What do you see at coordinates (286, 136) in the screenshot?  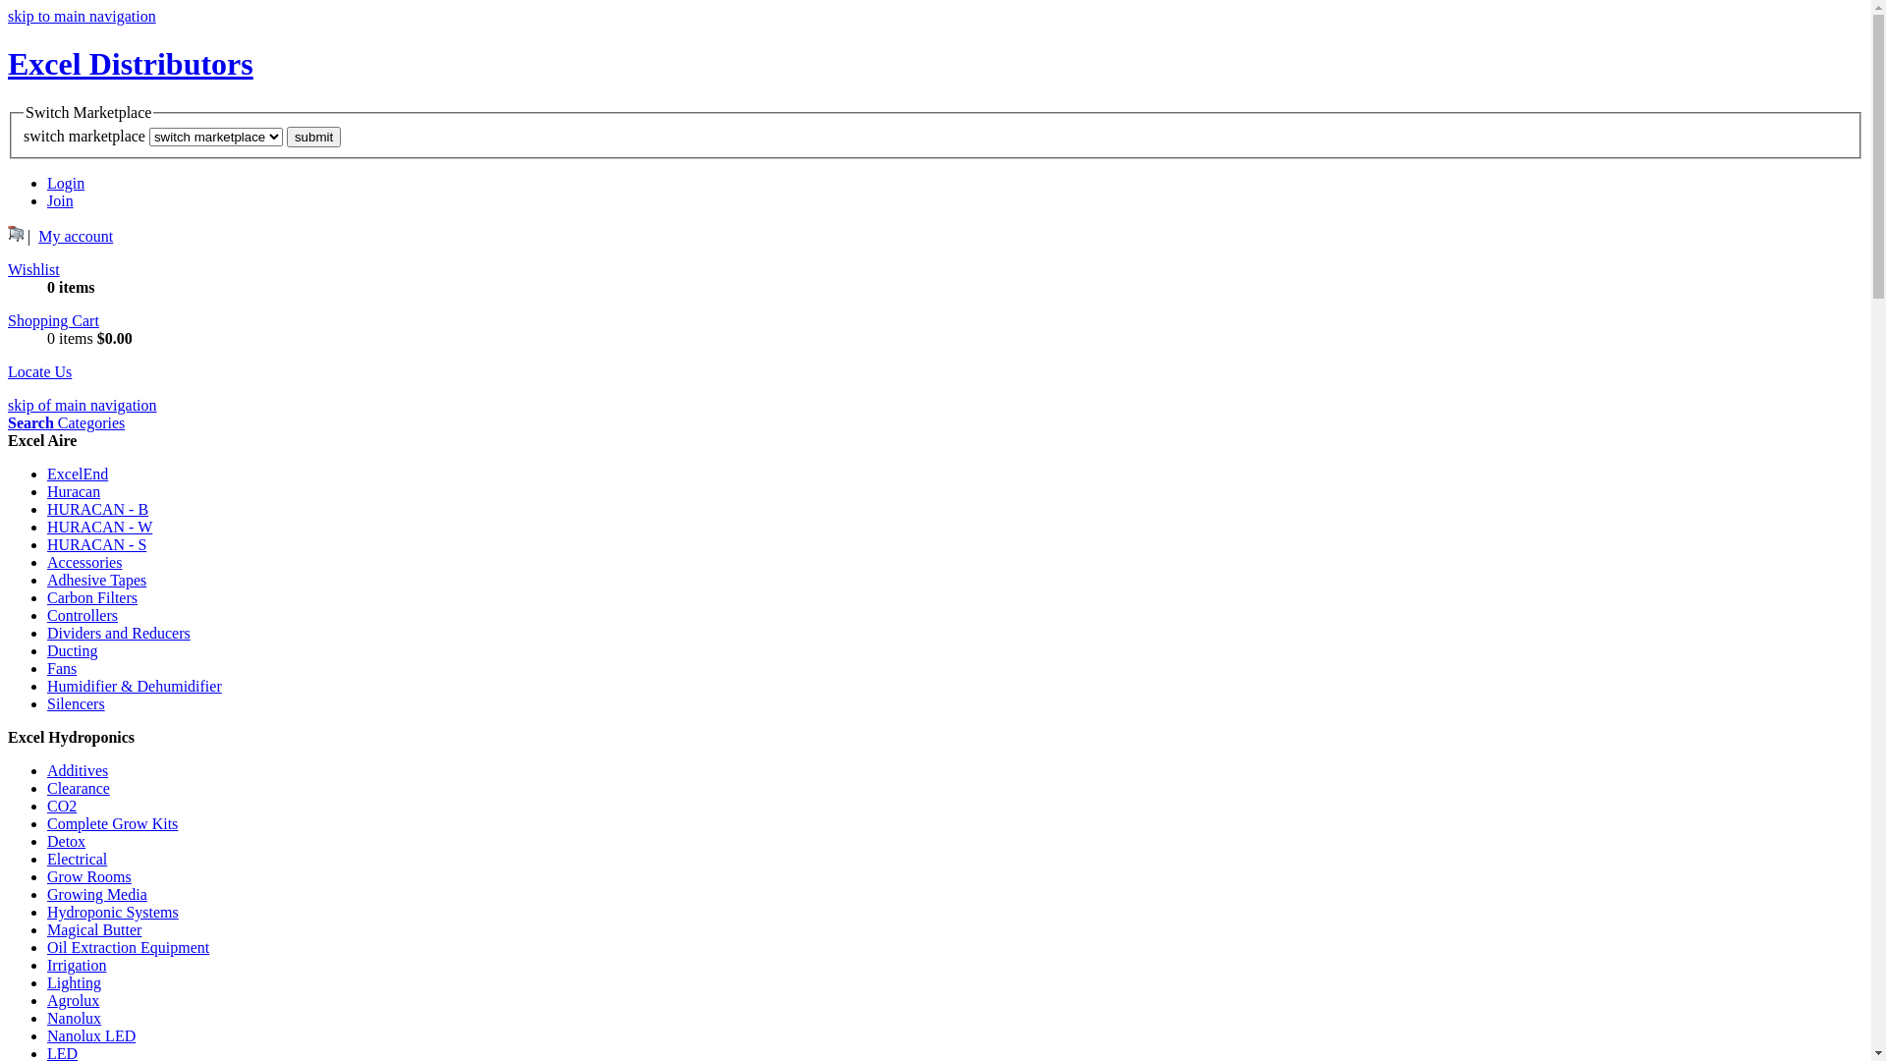 I see `'submit'` at bounding box center [286, 136].